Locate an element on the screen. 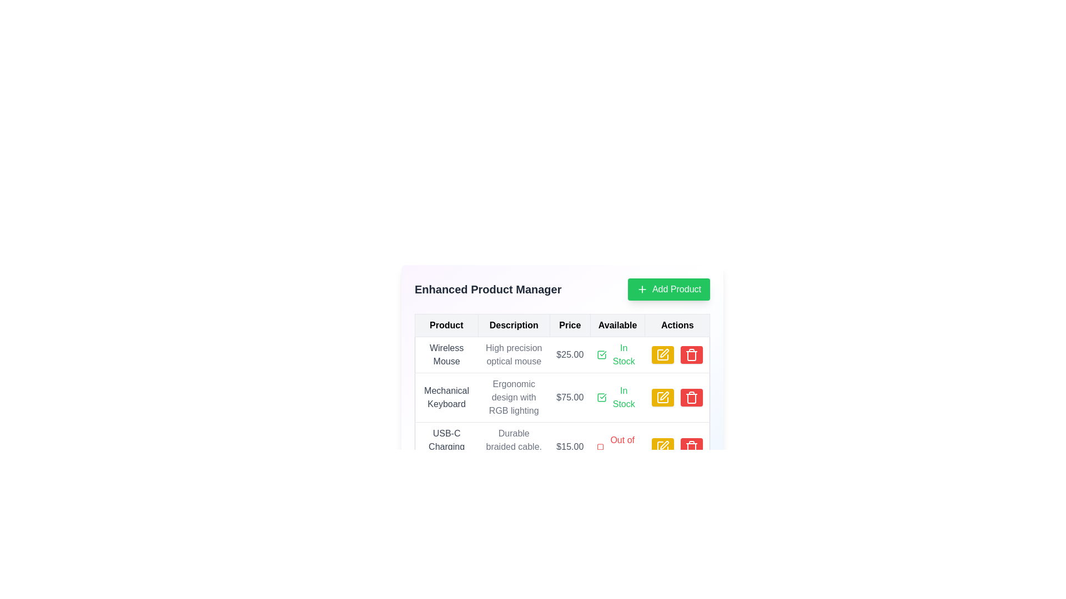  the middle component of the SVG trash can icon, which is located in the 'Actions' section of the table is located at coordinates (691, 356).